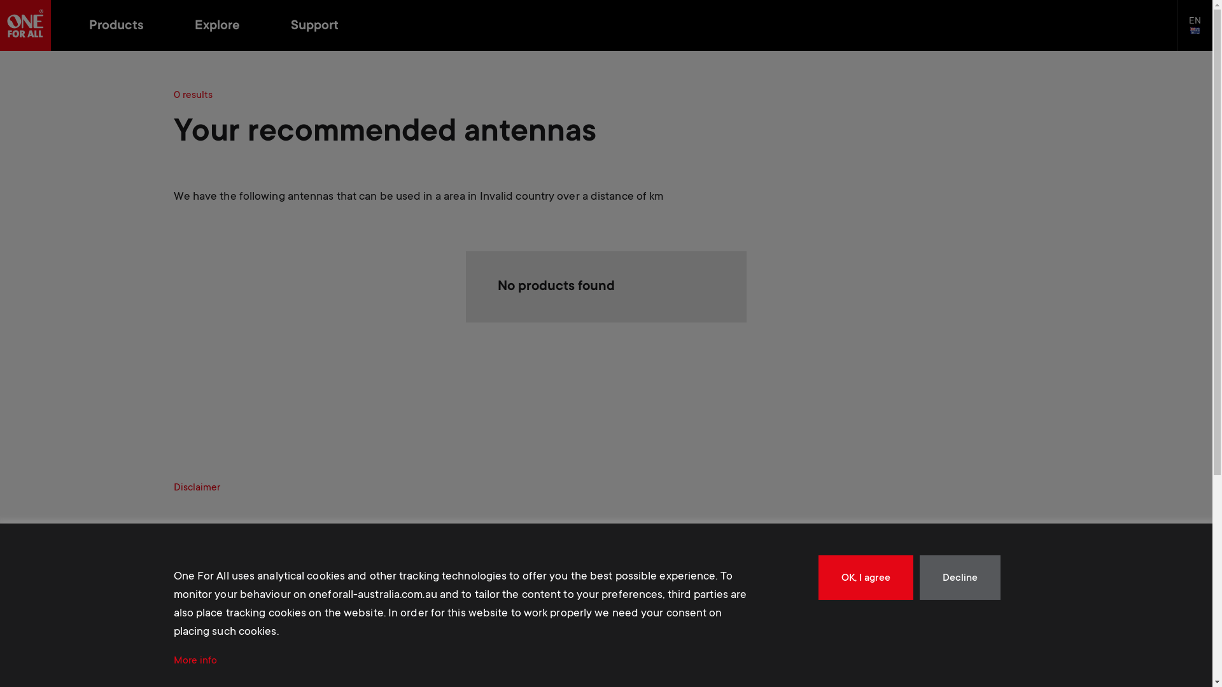  I want to click on 'OK, I agree', so click(866, 577).